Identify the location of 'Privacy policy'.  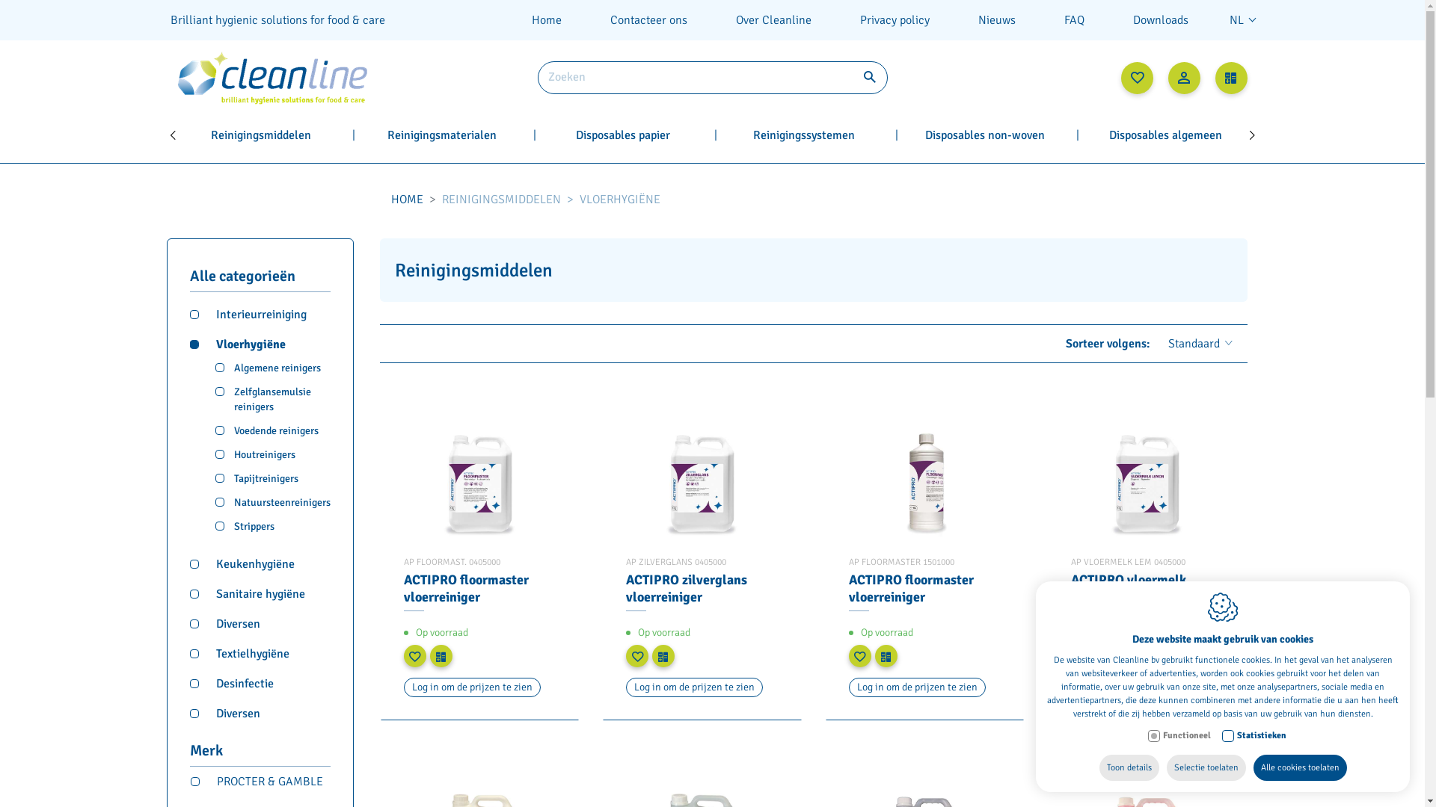
(894, 20).